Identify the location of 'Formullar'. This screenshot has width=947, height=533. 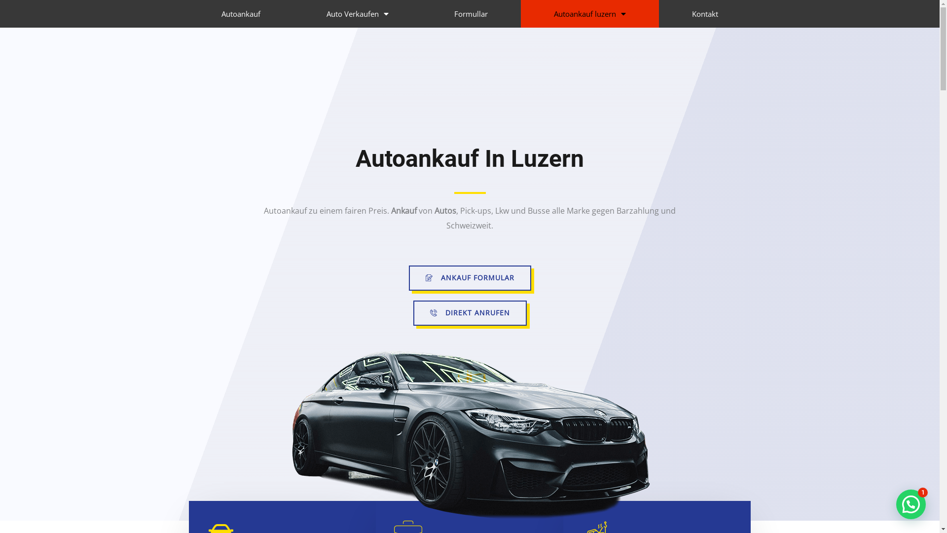
(471, 13).